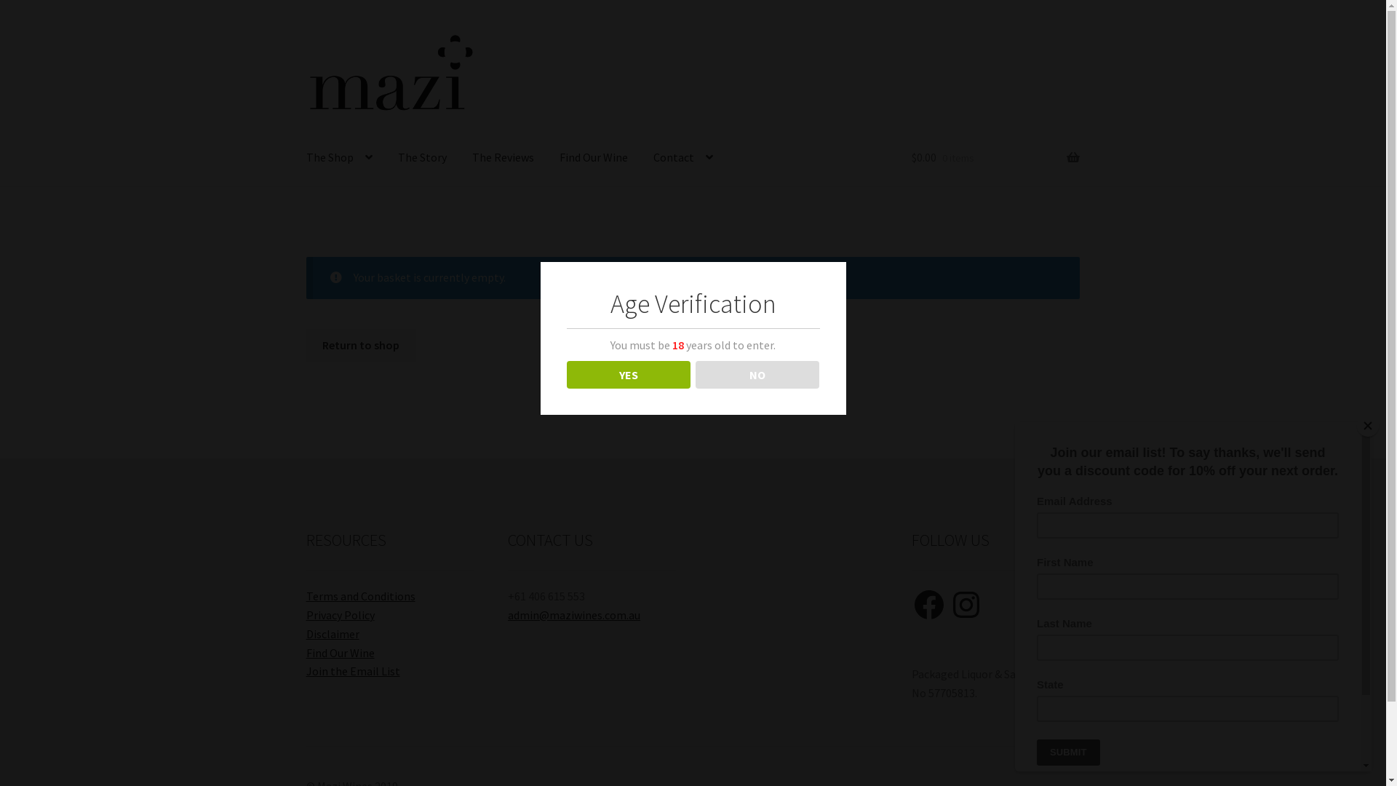 The width and height of the screenshot is (1397, 786). I want to click on 'Find Our Wine', so click(306, 652).